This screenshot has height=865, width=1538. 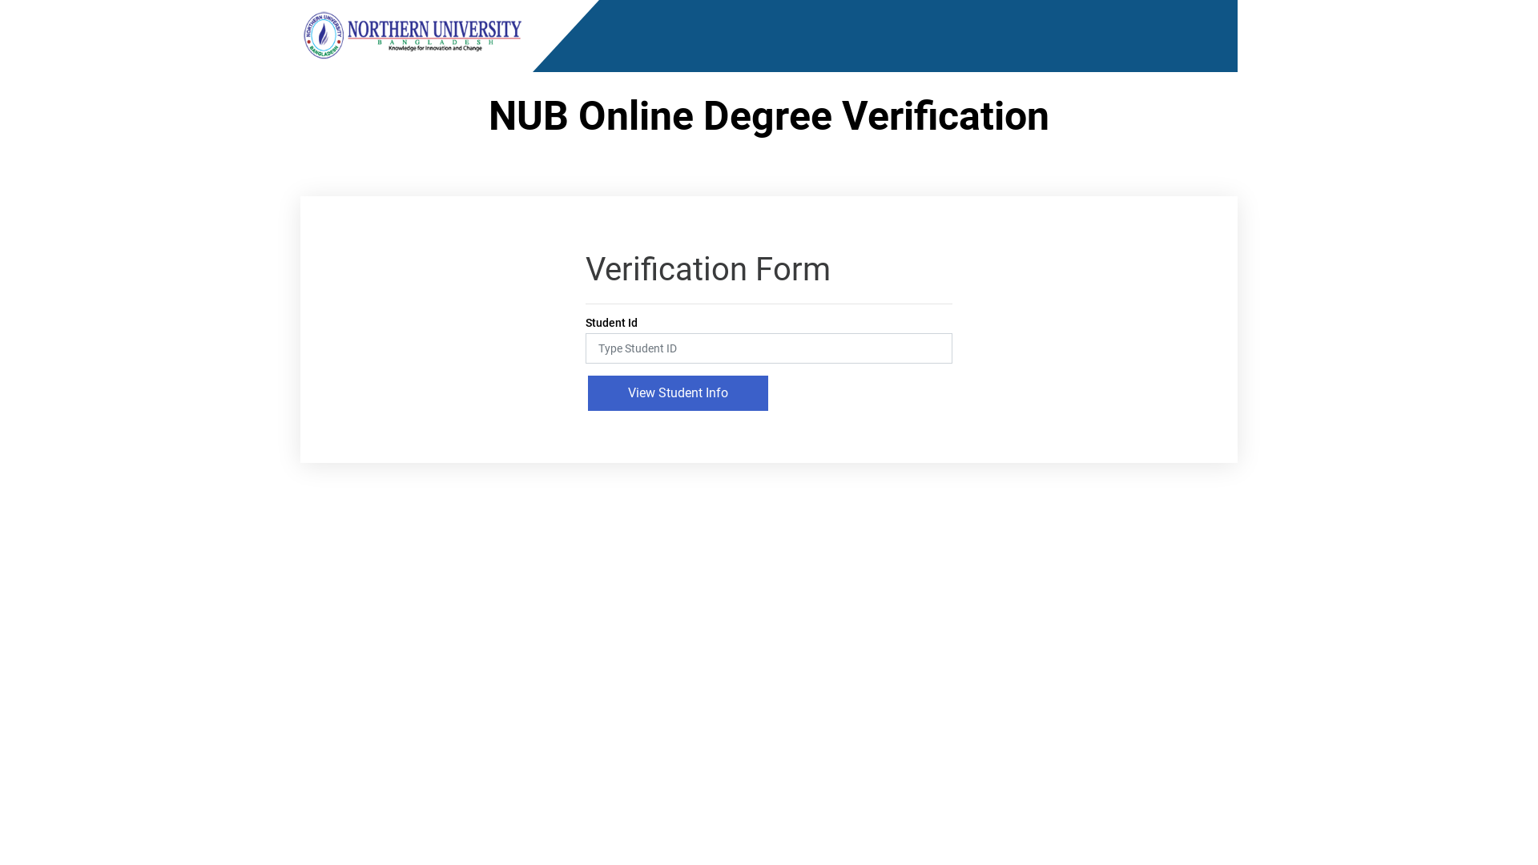 What do you see at coordinates (678, 392) in the screenshot?
I see `'View Student Info'` at bounding box center [678, 392].